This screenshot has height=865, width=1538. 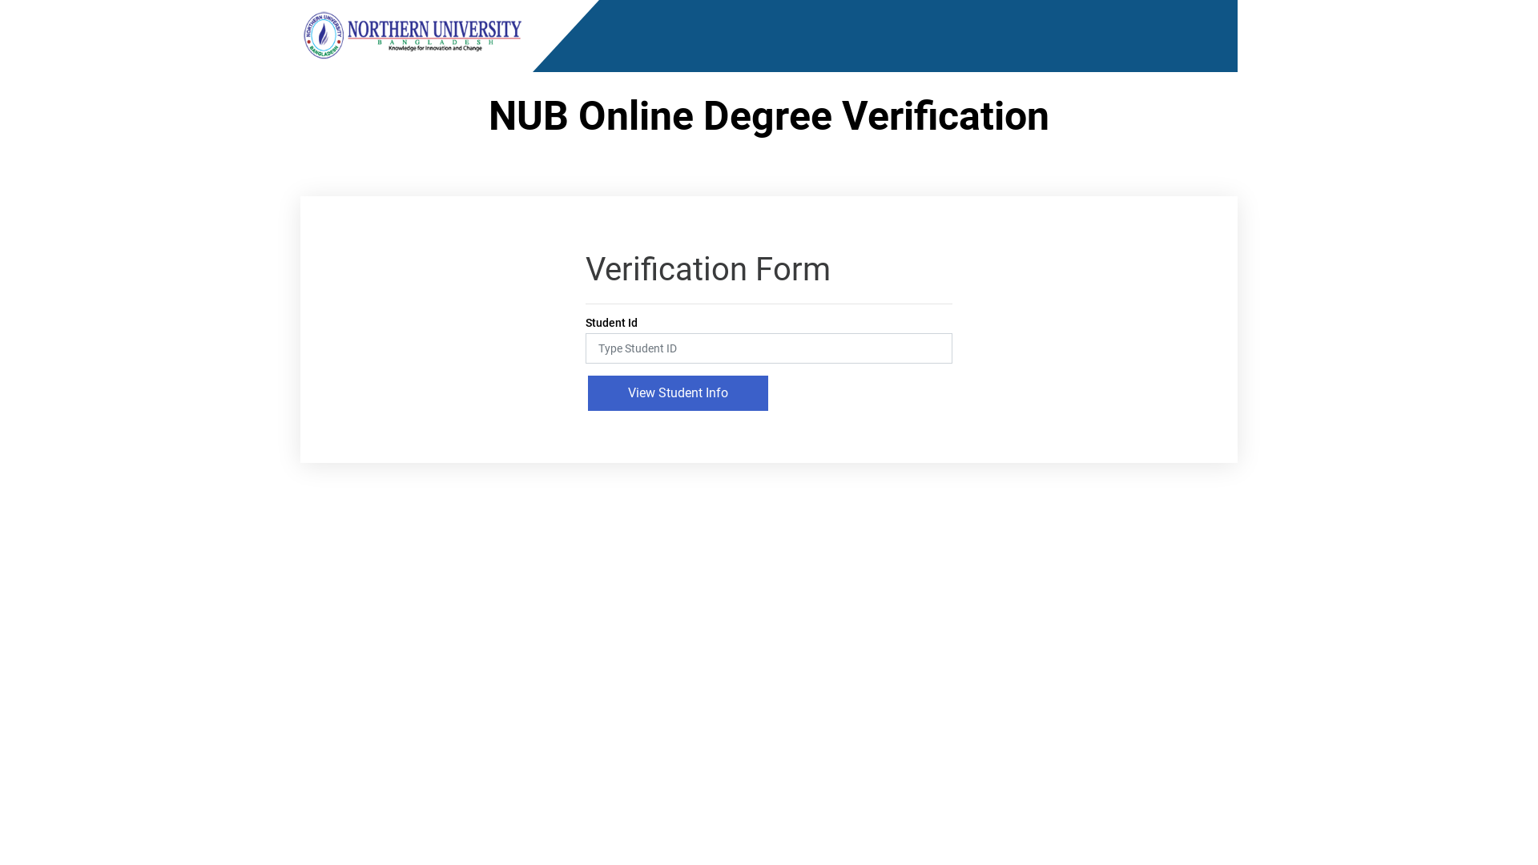 What do you see at coordinates (678, 392) in the screenshot?
I see `'View Student Info'` at bounding box center [678, 392].